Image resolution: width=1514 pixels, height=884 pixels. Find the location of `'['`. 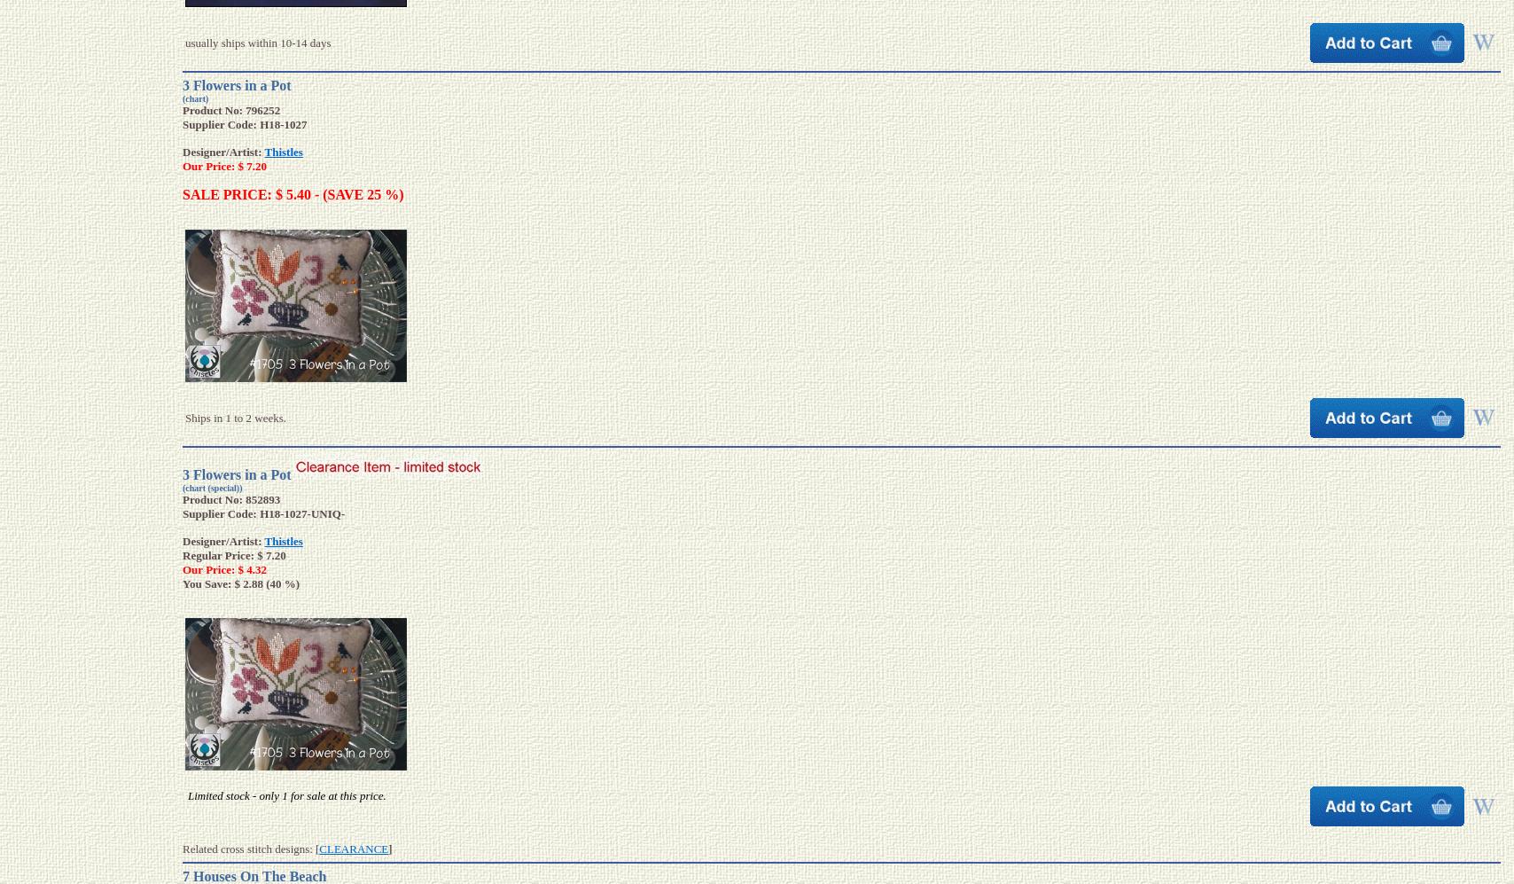

'[' is located at coordinates (316, 848).